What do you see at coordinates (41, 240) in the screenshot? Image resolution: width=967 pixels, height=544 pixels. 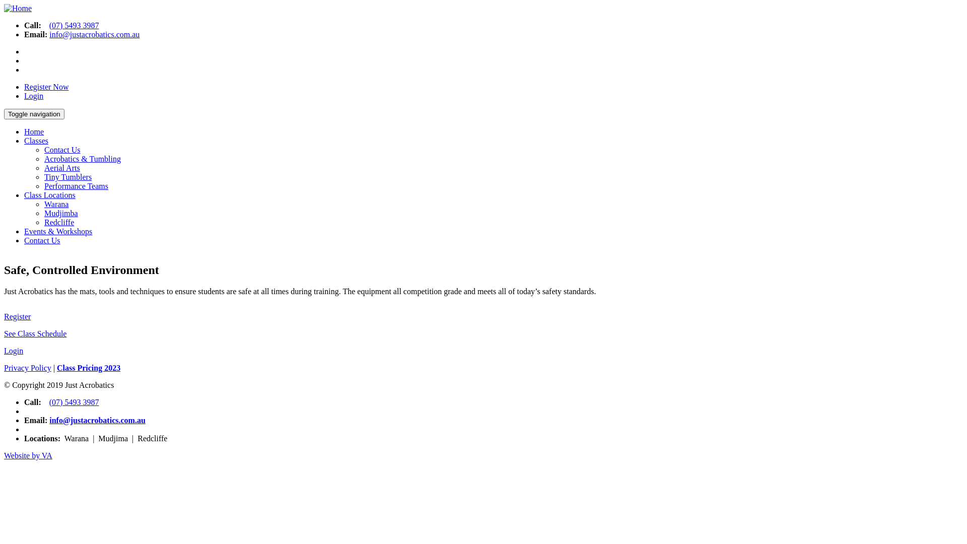 I see `'Contact Us'` at bounding box center [41, 240].